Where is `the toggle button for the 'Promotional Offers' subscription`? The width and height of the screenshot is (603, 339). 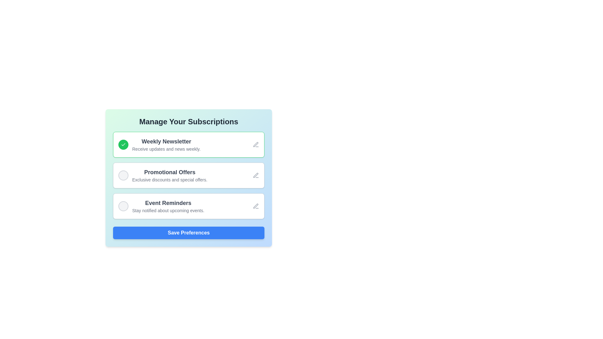 the toggle button for the 'Promotional Offers' subscription is located at coordinates (123, 175).